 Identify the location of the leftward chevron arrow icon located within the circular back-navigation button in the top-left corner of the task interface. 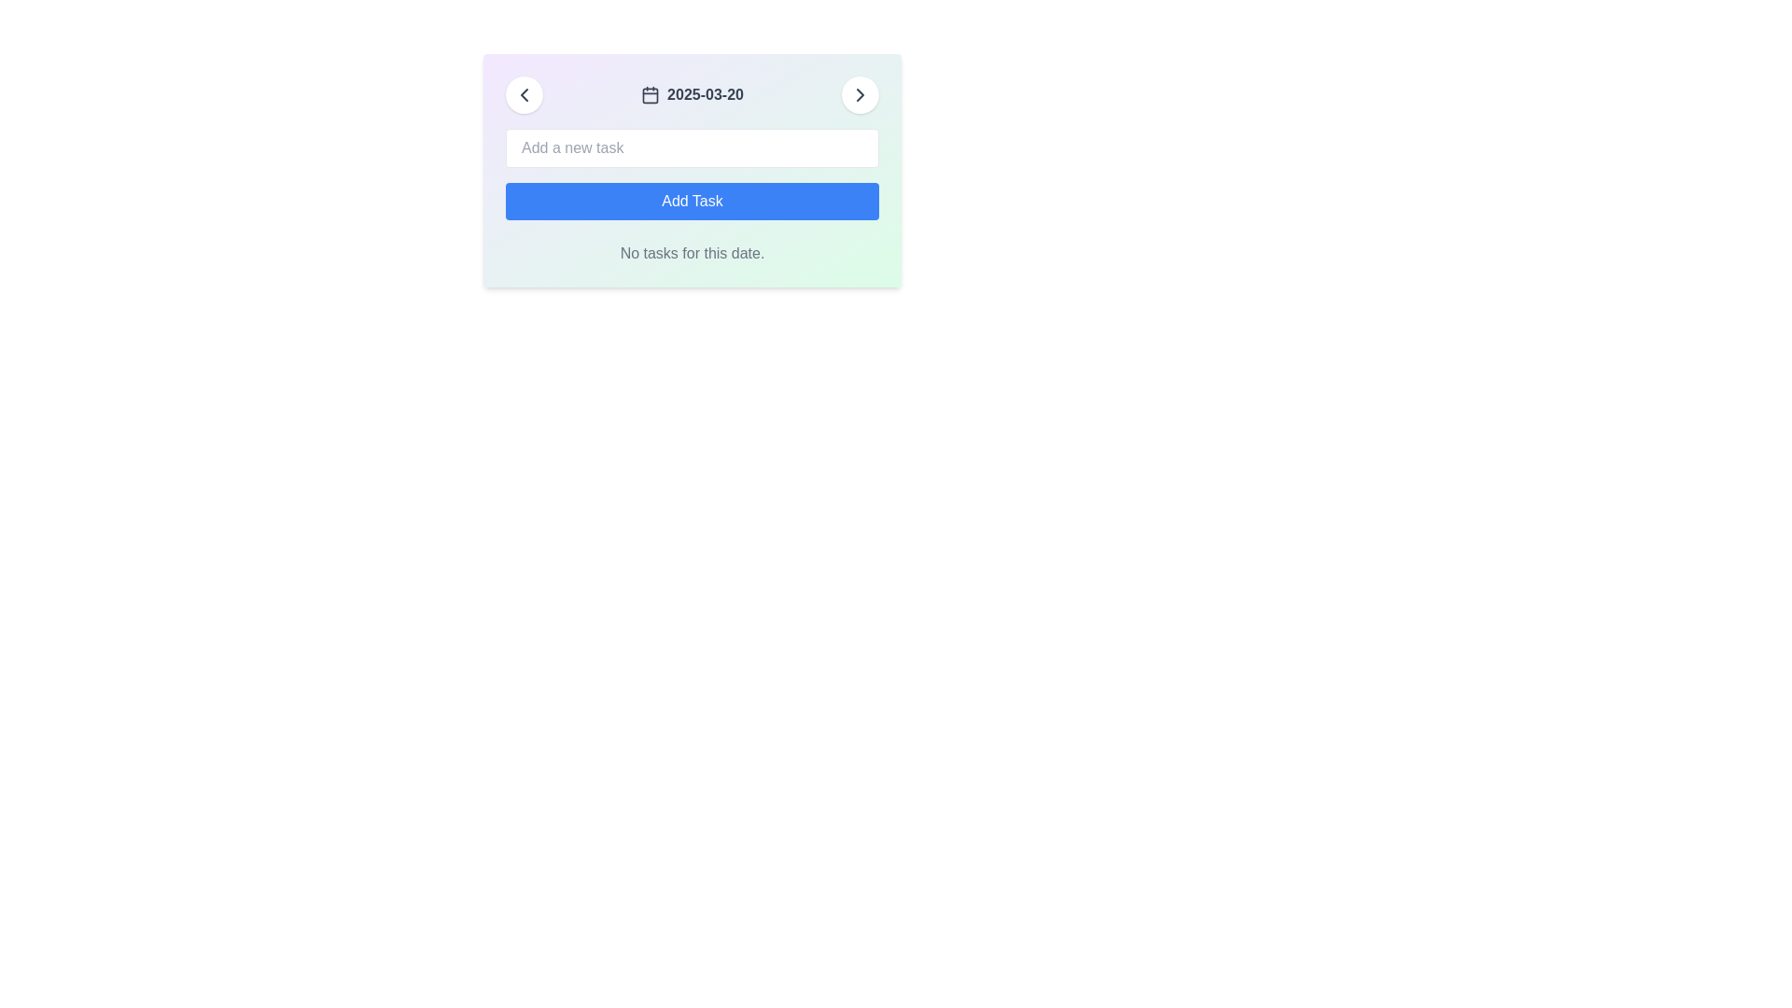
(523, 94).